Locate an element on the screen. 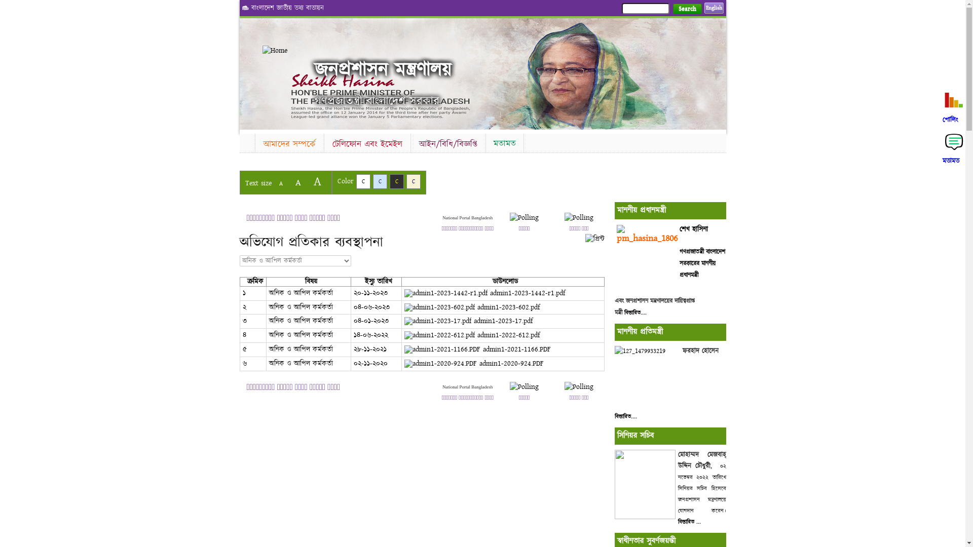  'English' is located at coordinates (714, 8).